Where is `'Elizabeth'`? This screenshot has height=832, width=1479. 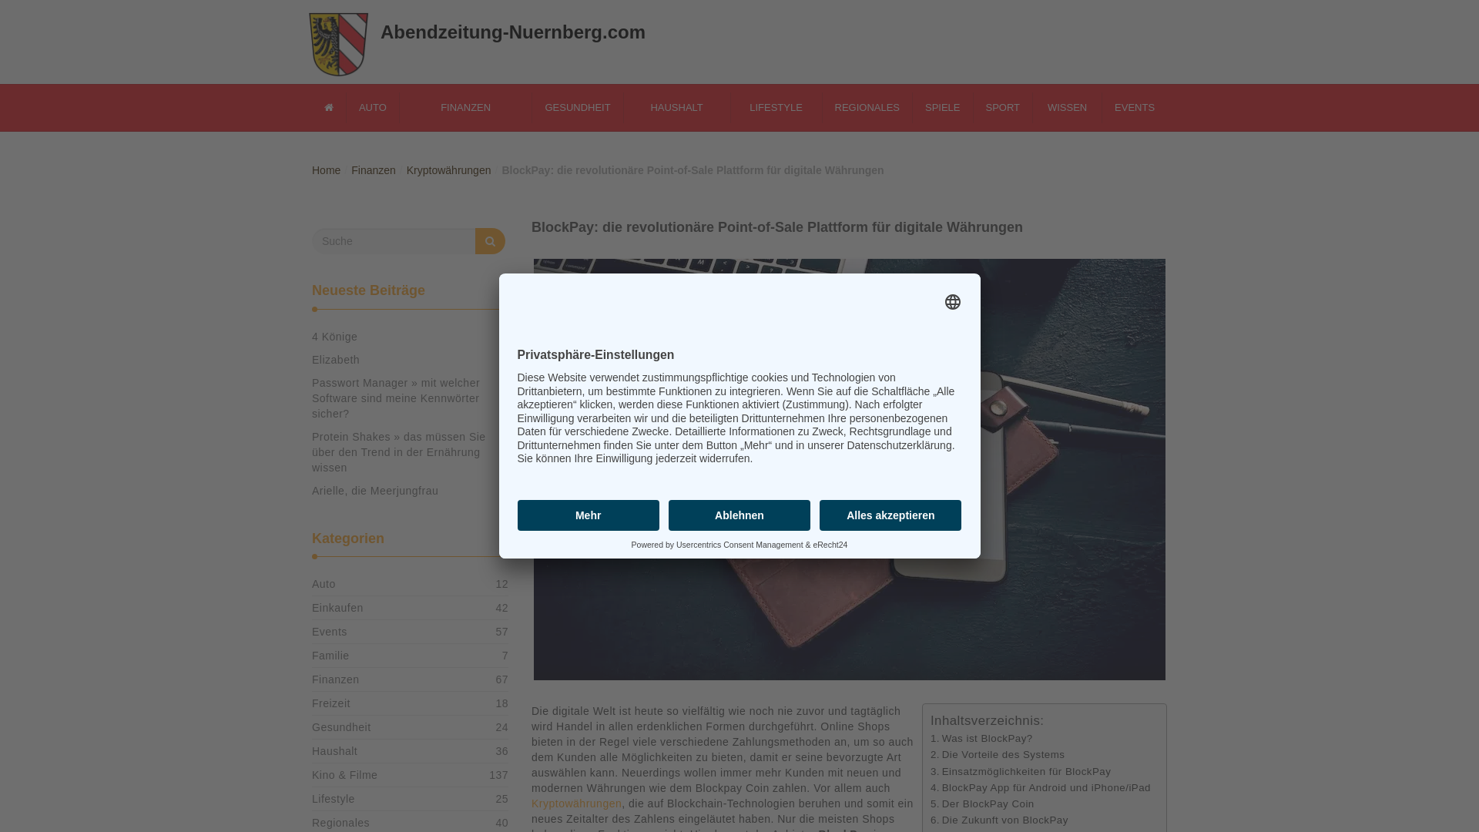 'Elizabeth' is located at coordinates (335, 359).